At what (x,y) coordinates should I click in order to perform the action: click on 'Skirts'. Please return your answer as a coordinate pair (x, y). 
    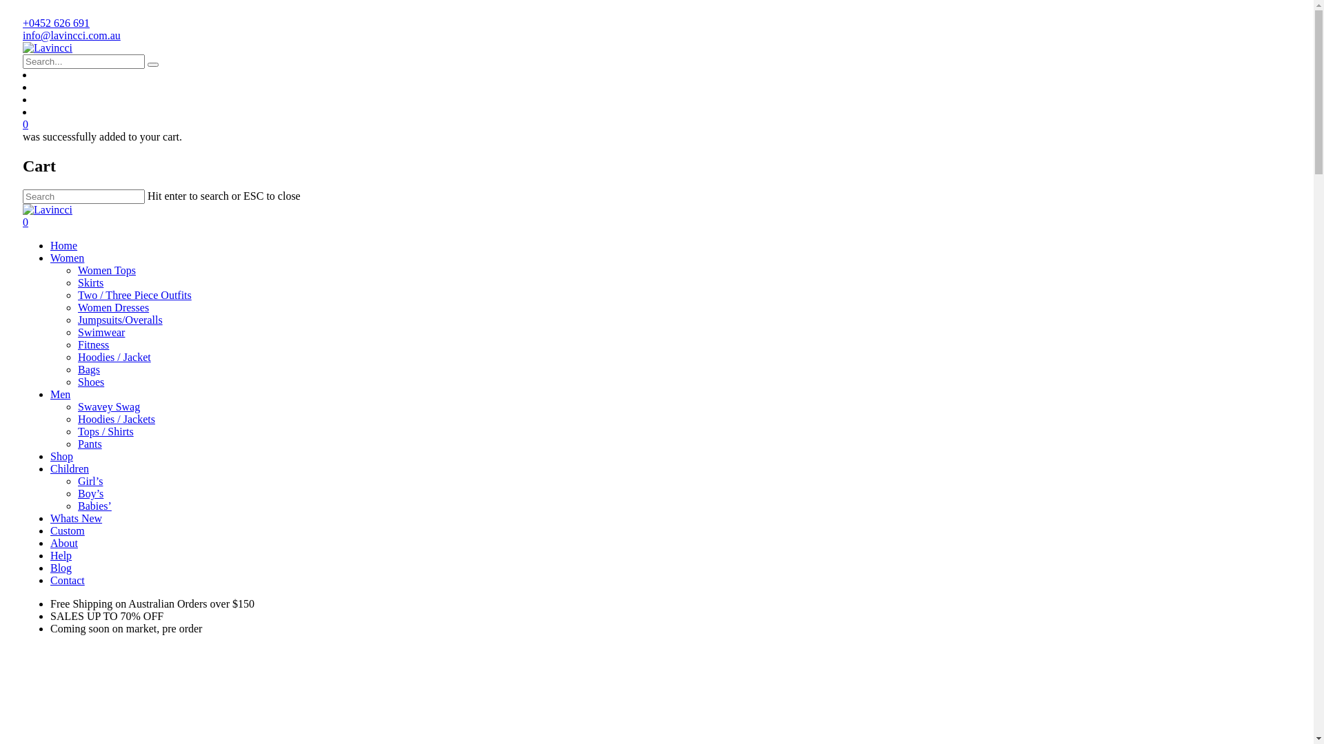
    Looking at the image, I should click on (90, 282).